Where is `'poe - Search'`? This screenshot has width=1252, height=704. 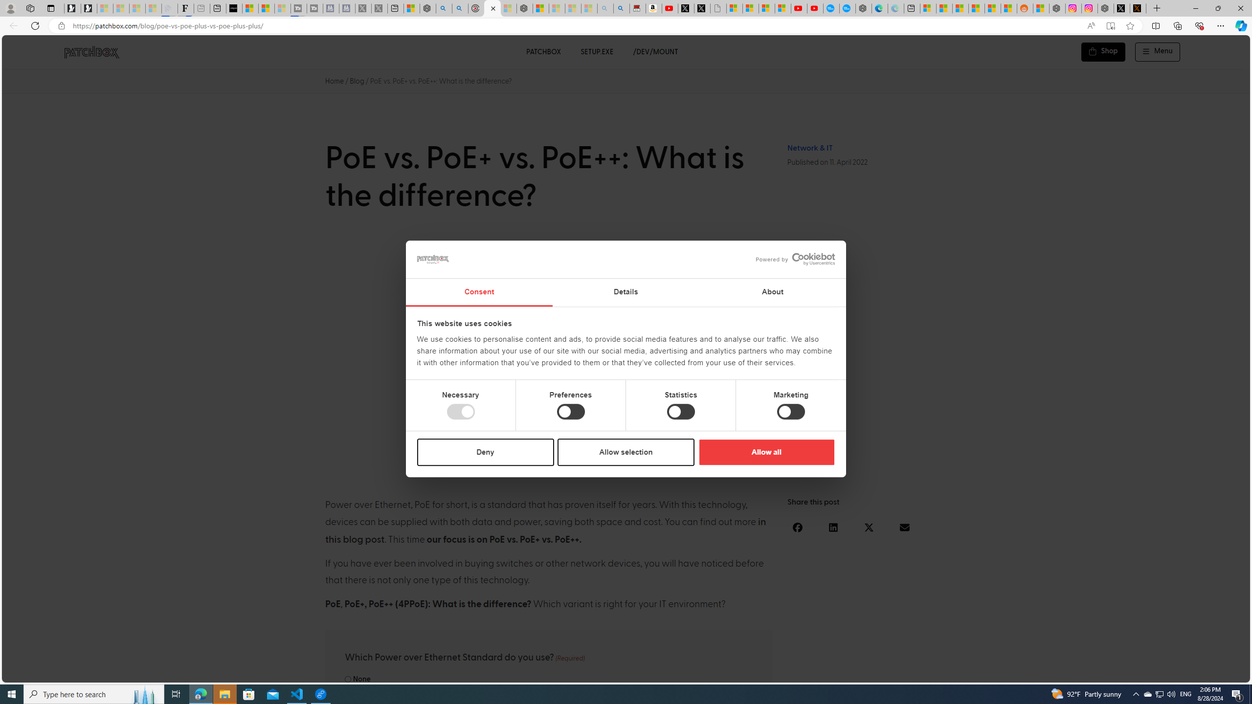 'poe - Search' is located at coordinates (443, 8).